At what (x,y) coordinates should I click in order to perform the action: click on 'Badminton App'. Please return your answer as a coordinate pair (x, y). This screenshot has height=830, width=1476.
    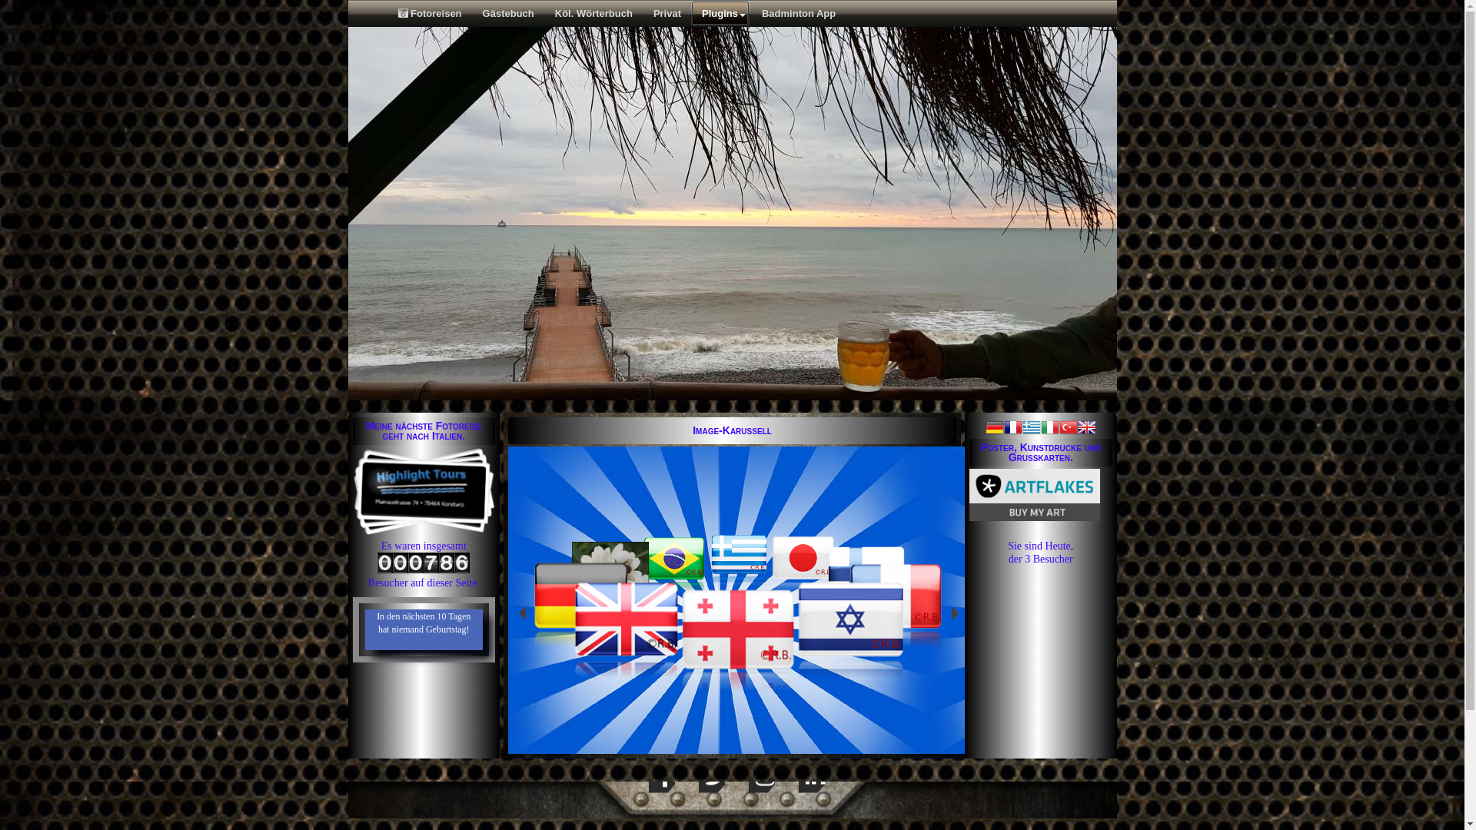
    Looking at the image, I should click on (750, 13).